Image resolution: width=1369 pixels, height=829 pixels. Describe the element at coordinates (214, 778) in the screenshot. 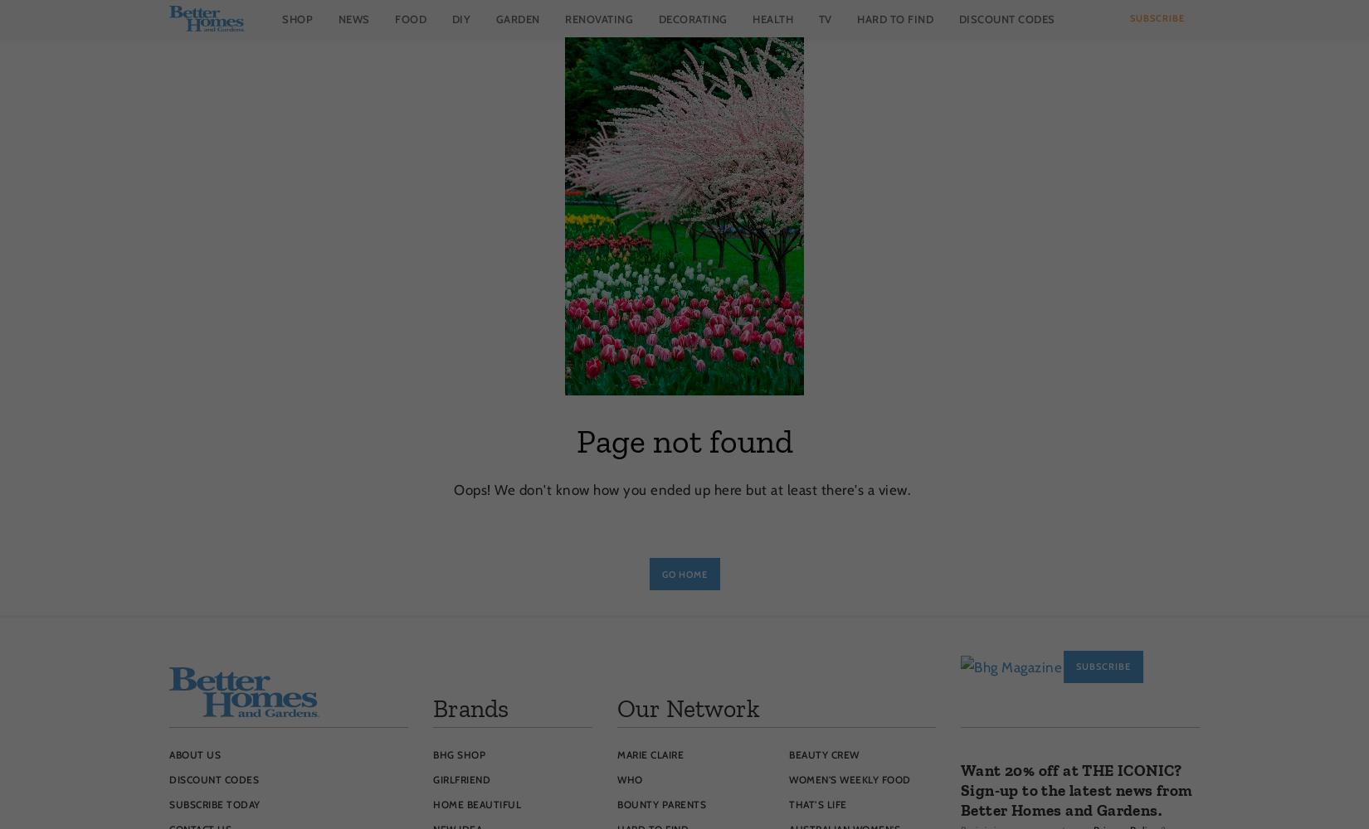

I see `'Discount Codes'` at that location.